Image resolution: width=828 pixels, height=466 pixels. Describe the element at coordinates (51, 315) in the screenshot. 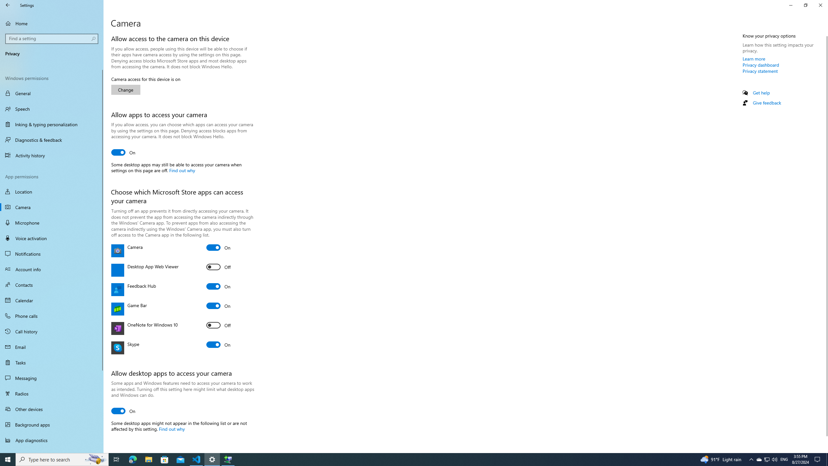

I see `'Phone calls'` at that location.